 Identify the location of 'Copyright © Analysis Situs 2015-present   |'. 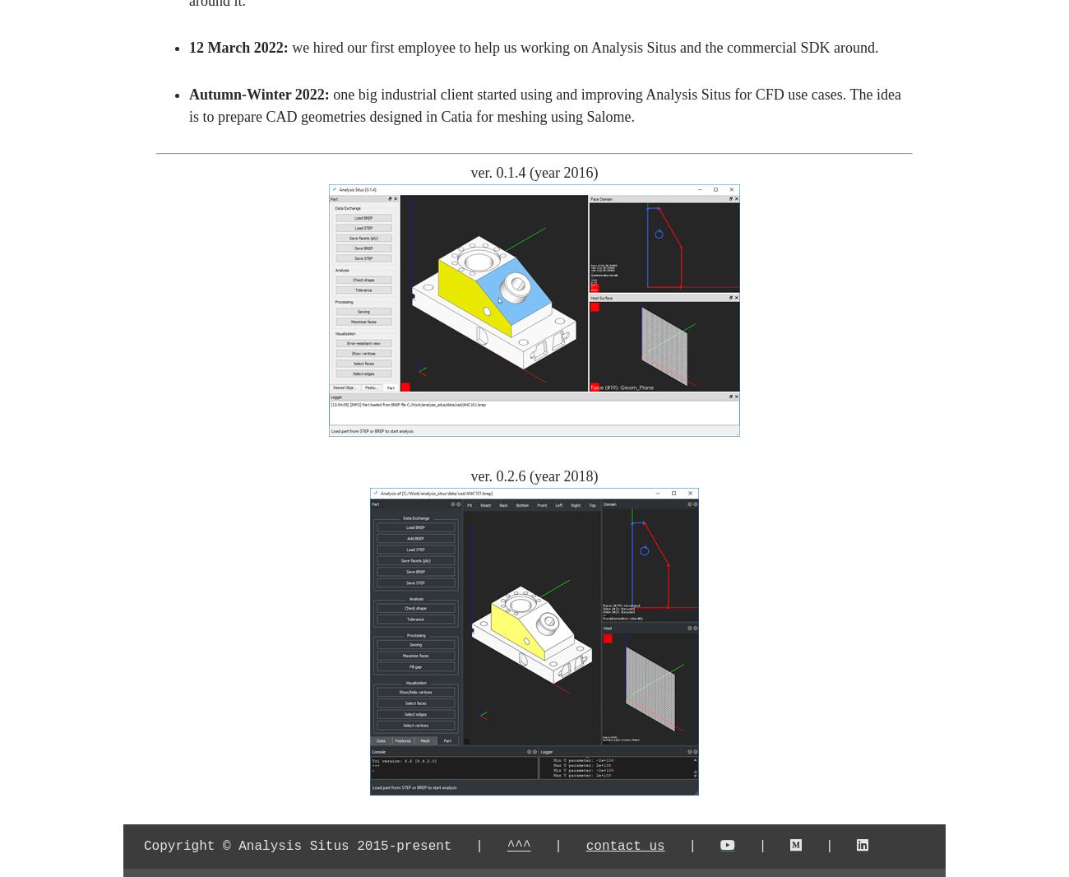
(325, 847).